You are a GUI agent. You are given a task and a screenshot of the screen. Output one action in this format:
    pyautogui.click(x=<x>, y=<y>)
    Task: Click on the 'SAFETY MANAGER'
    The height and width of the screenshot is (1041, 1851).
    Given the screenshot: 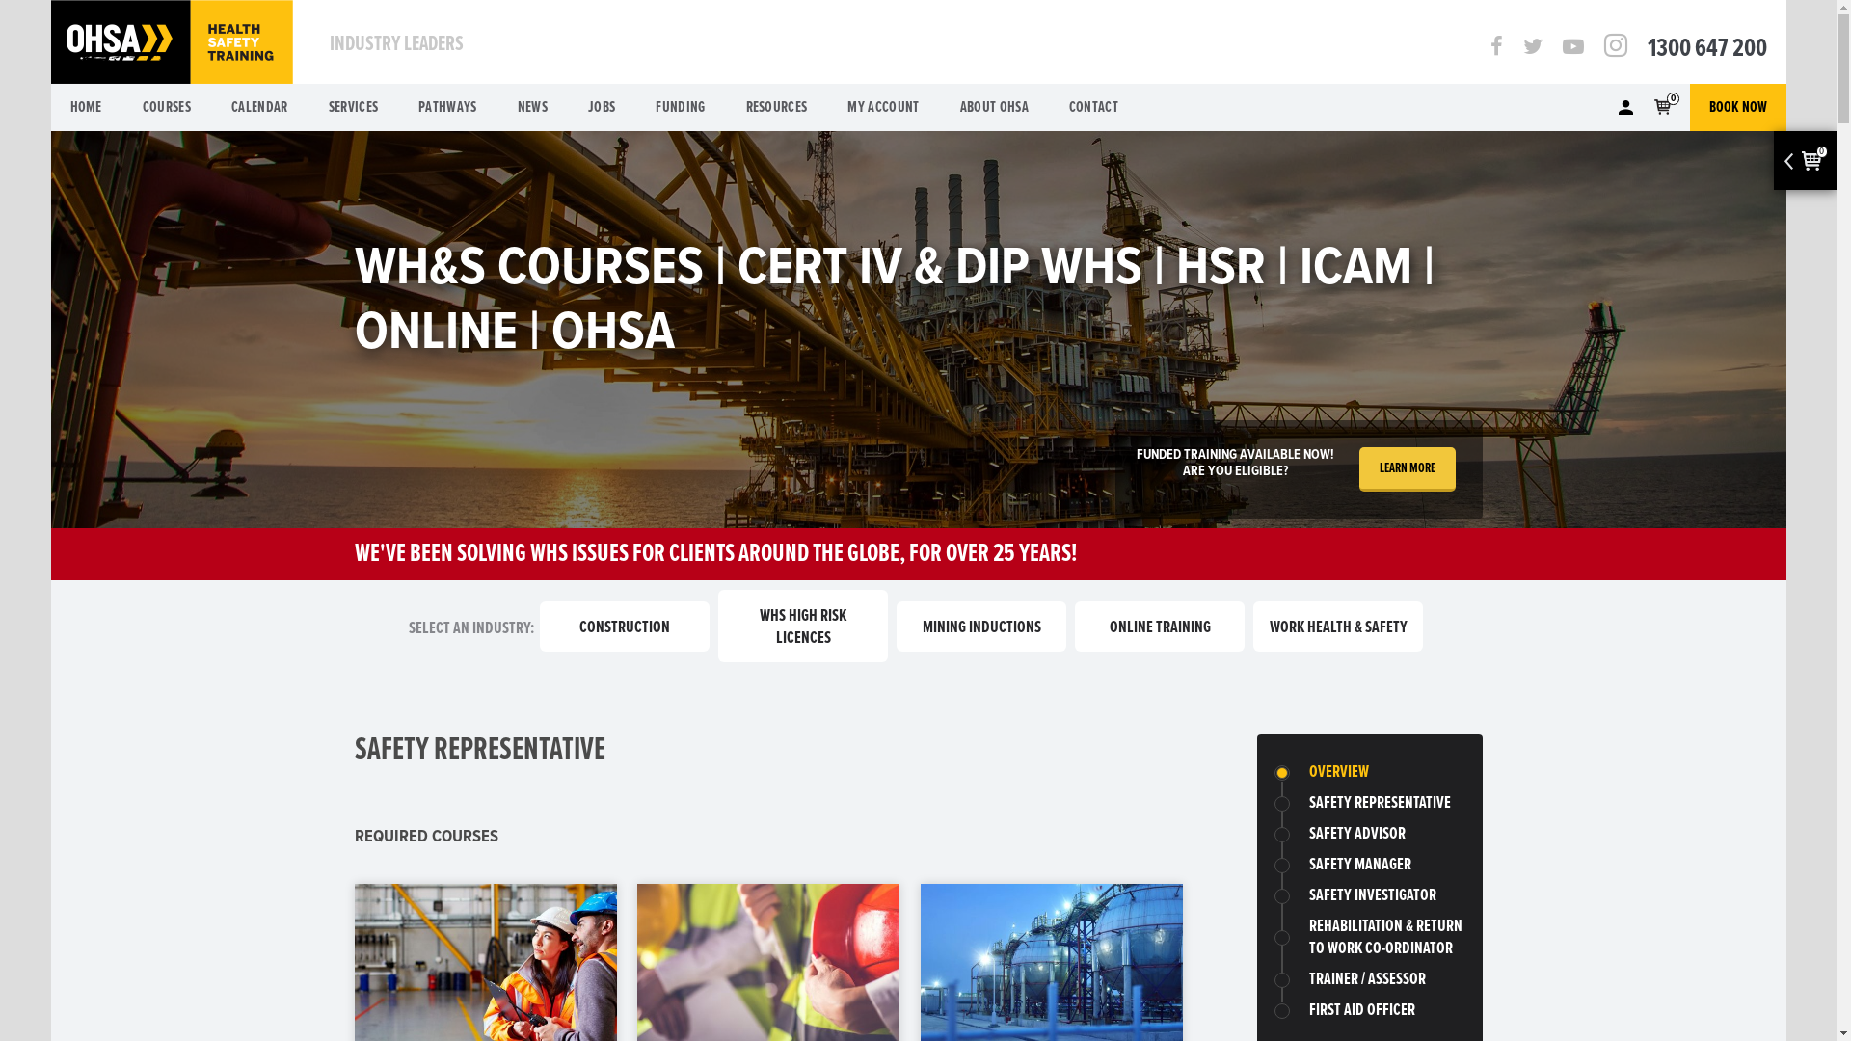 What is the action you would take?
    pyautogui.click(x=1309, y=864)
    